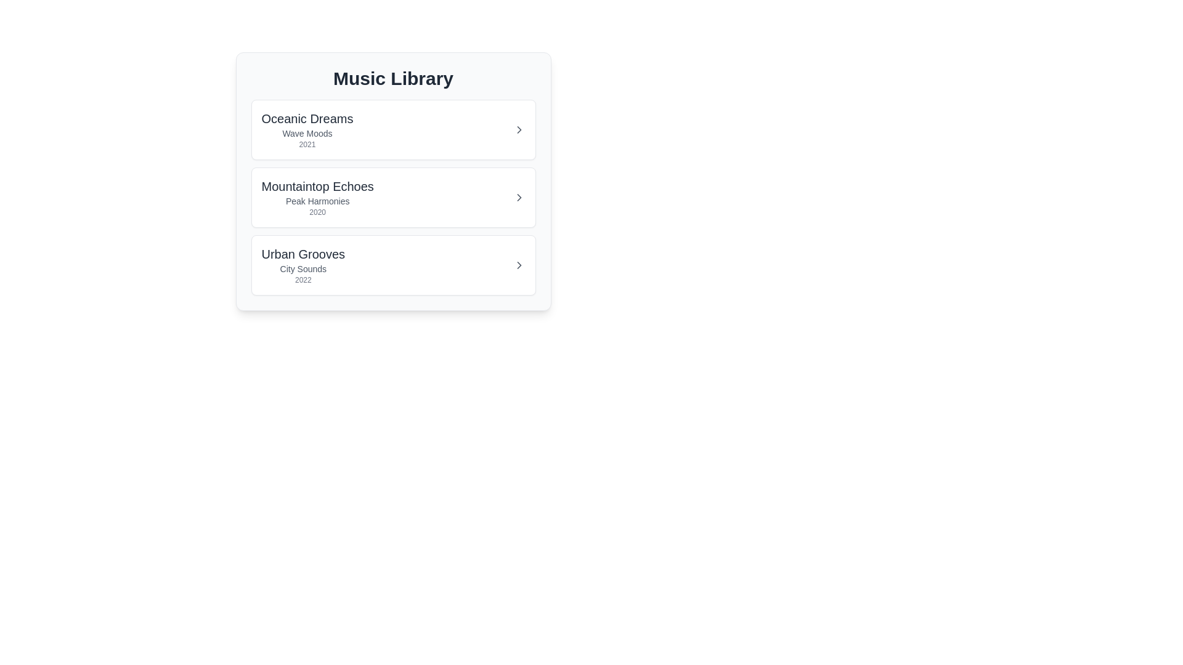 Image resolution: width=1183 pixels, height=665 pixels. What do you see at coordinates (392, 265) in the screenshot?
I see `the album item corresponding to Urban Grooves` at bounding box center [392, 265].